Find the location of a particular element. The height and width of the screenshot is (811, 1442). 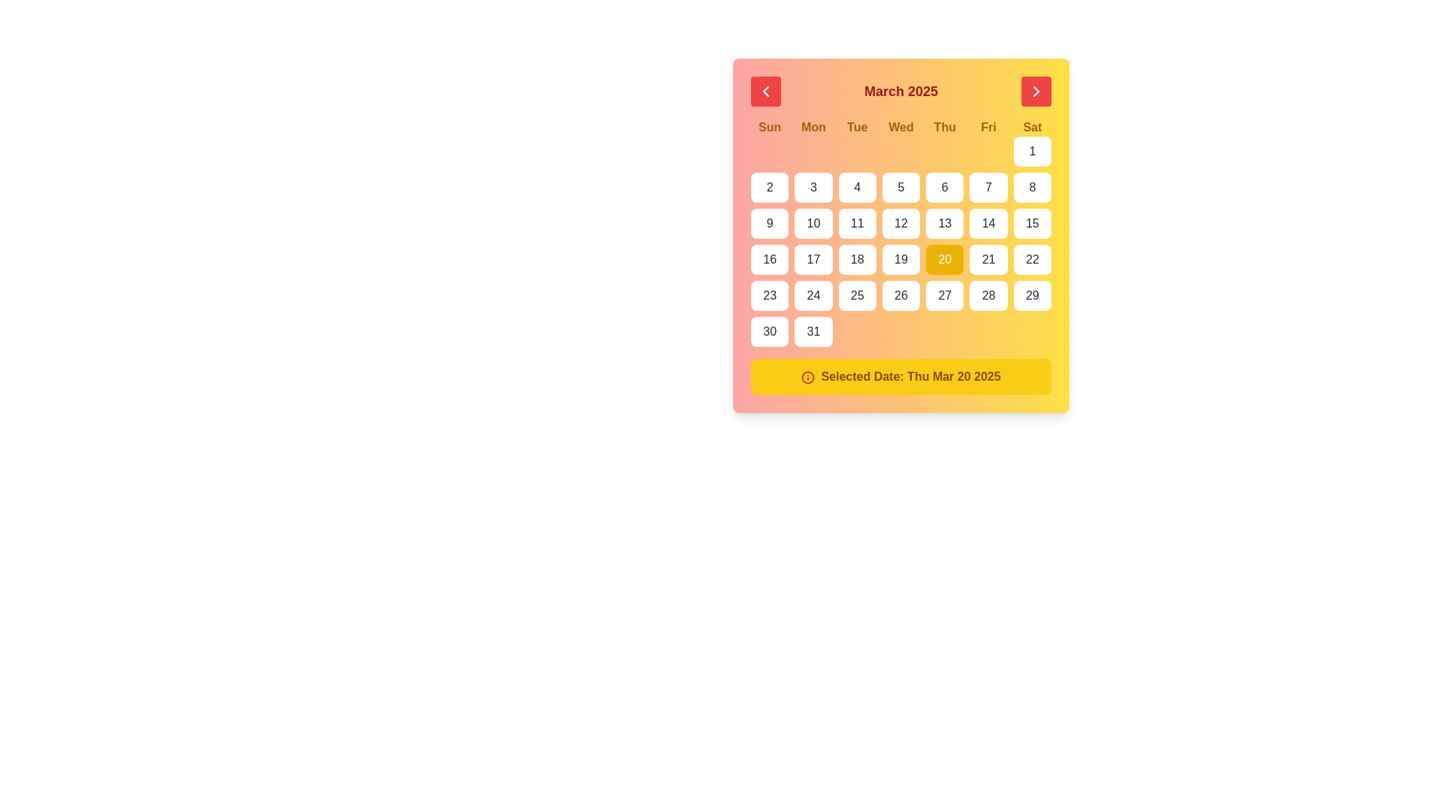

the bold yellow text label 'Sun', which is the leftmost element in the row displaying the days of the week is located at coordinates (770, 126).